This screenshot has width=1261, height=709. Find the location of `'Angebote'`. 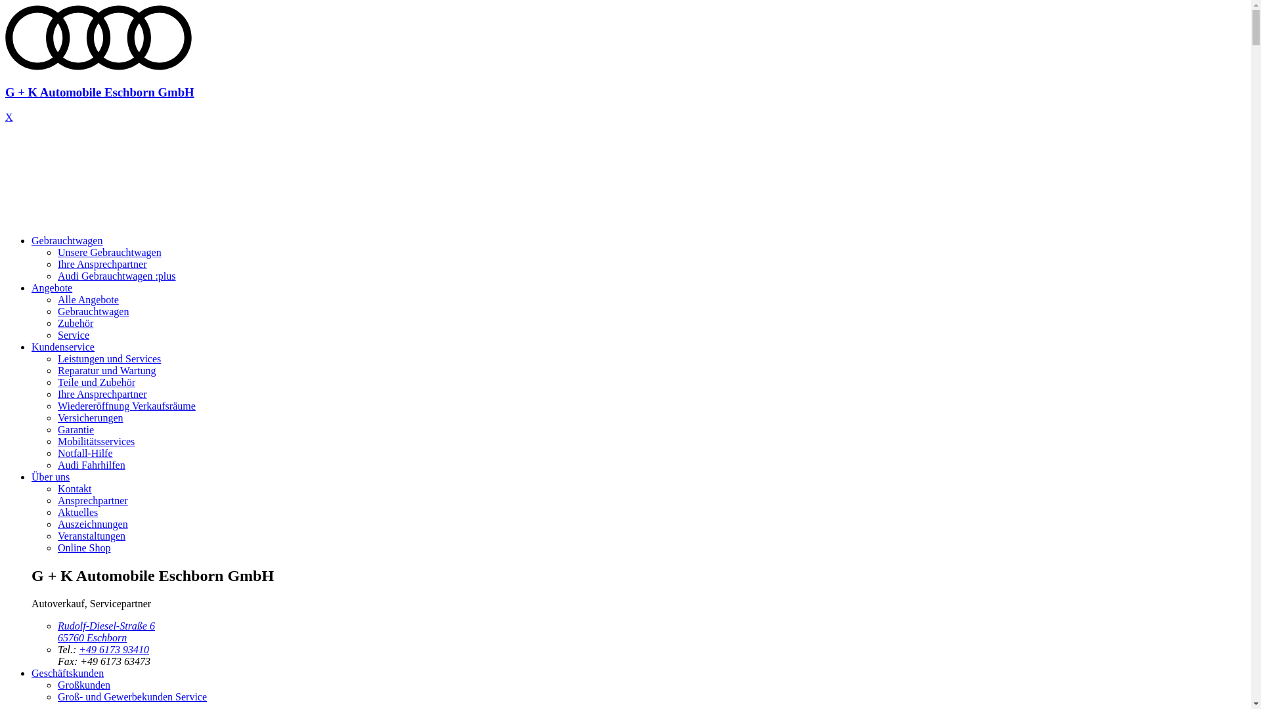

'Angebote' is located at coordinates (32, 287).